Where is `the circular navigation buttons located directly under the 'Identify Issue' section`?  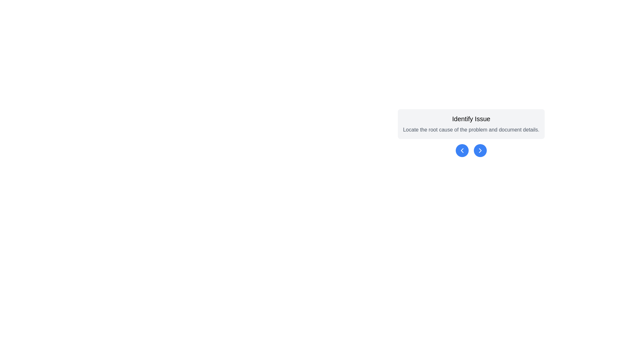 the circular navigation buttons located directly under the 'Identify Issue' section is located at coordinates (471, 151).